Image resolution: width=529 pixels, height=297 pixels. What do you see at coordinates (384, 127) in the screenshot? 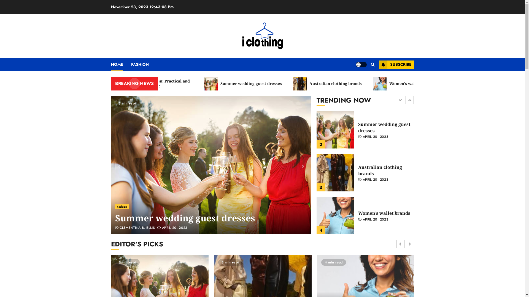
I see `'Clear Heels for Women: Practical and Fashionable Footwear'` at bounding box center [384, 127].